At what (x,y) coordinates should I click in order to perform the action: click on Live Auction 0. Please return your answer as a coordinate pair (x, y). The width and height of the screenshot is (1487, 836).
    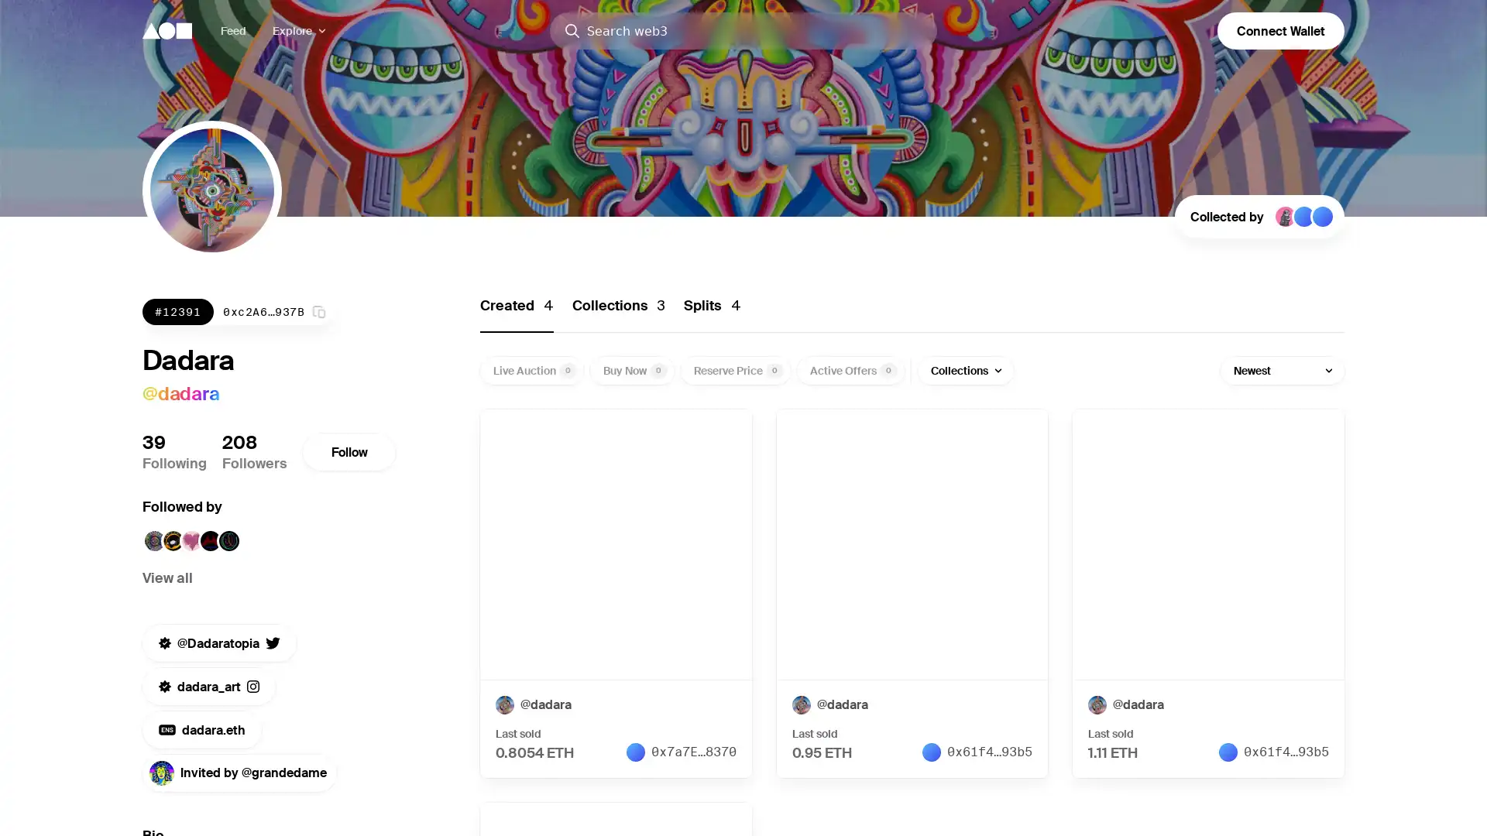
    Looking at the image, I should click on (531, 370).